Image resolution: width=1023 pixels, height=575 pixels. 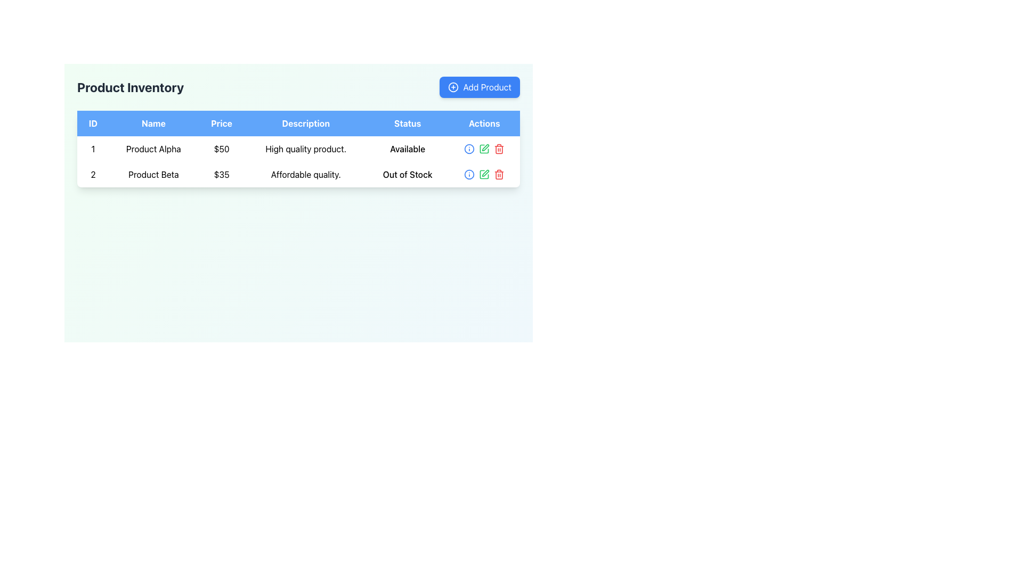 I want to click on the static text element that reads 'High quality product.' located in the fourth cell of the first row under the 'Description' column of the product inventory table, so click(x=305, y=149).